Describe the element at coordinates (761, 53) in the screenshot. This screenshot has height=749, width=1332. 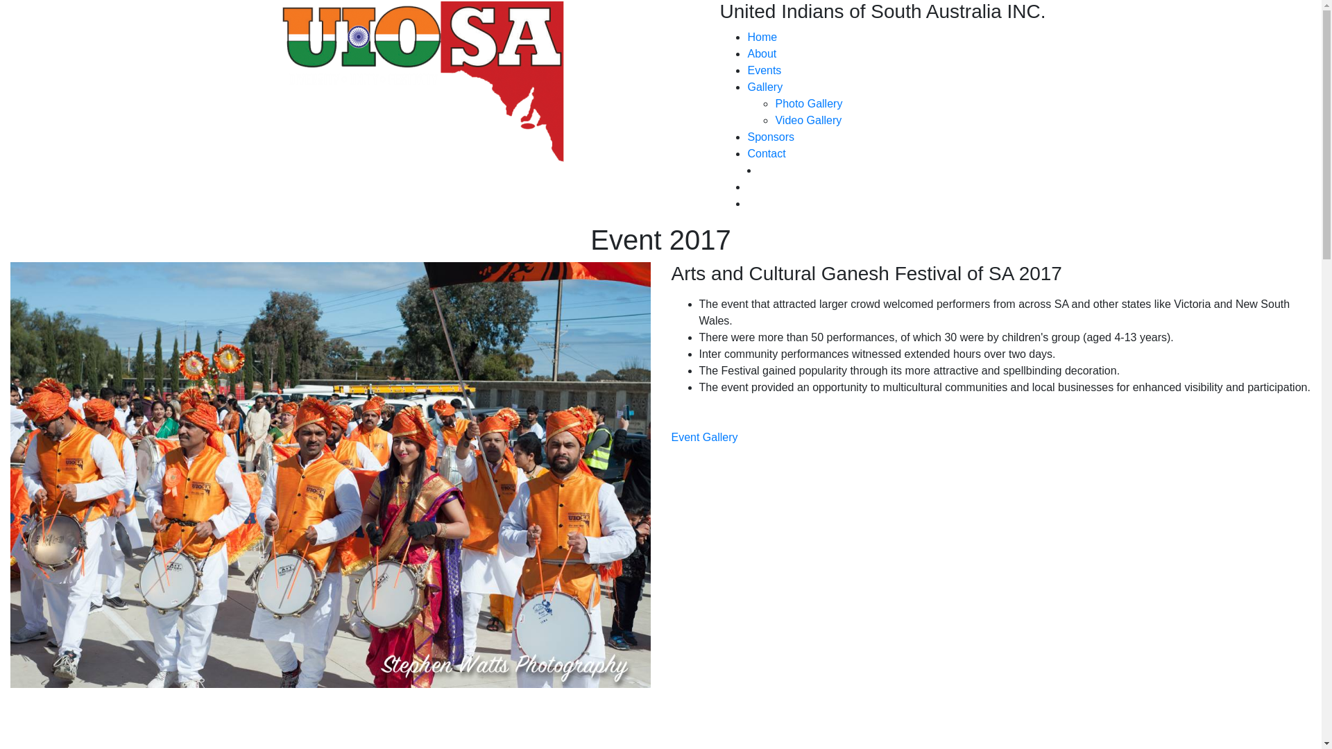
I see `'About'` at that location.